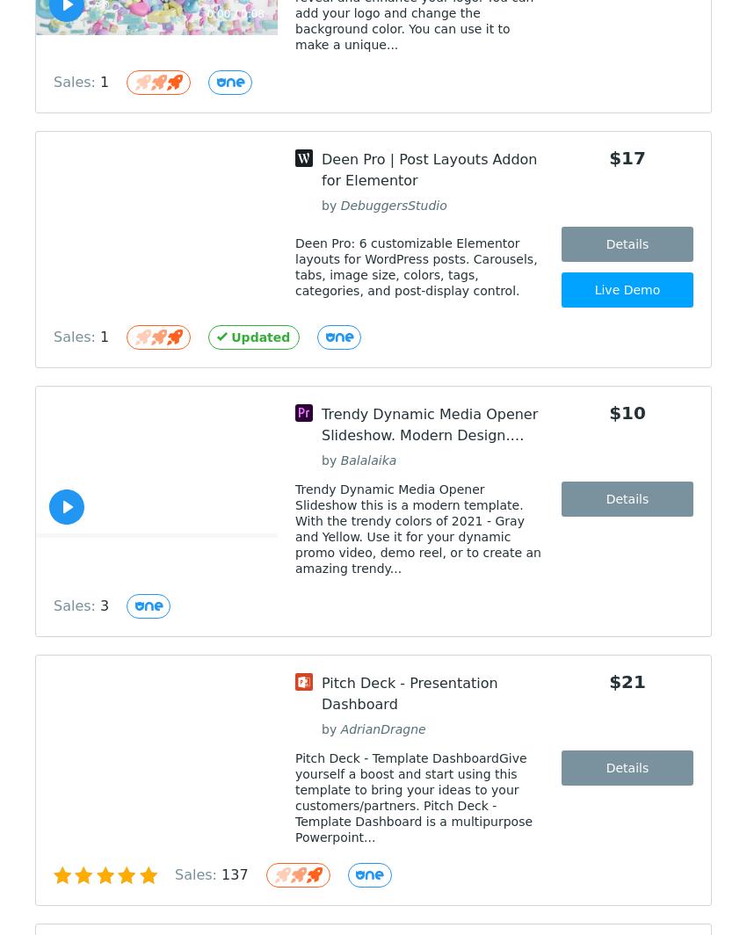 This screenshot has width=747, height=935. Describe the element at coordinates (608, 158) in the screenshot. I see `'$17'` at that location.